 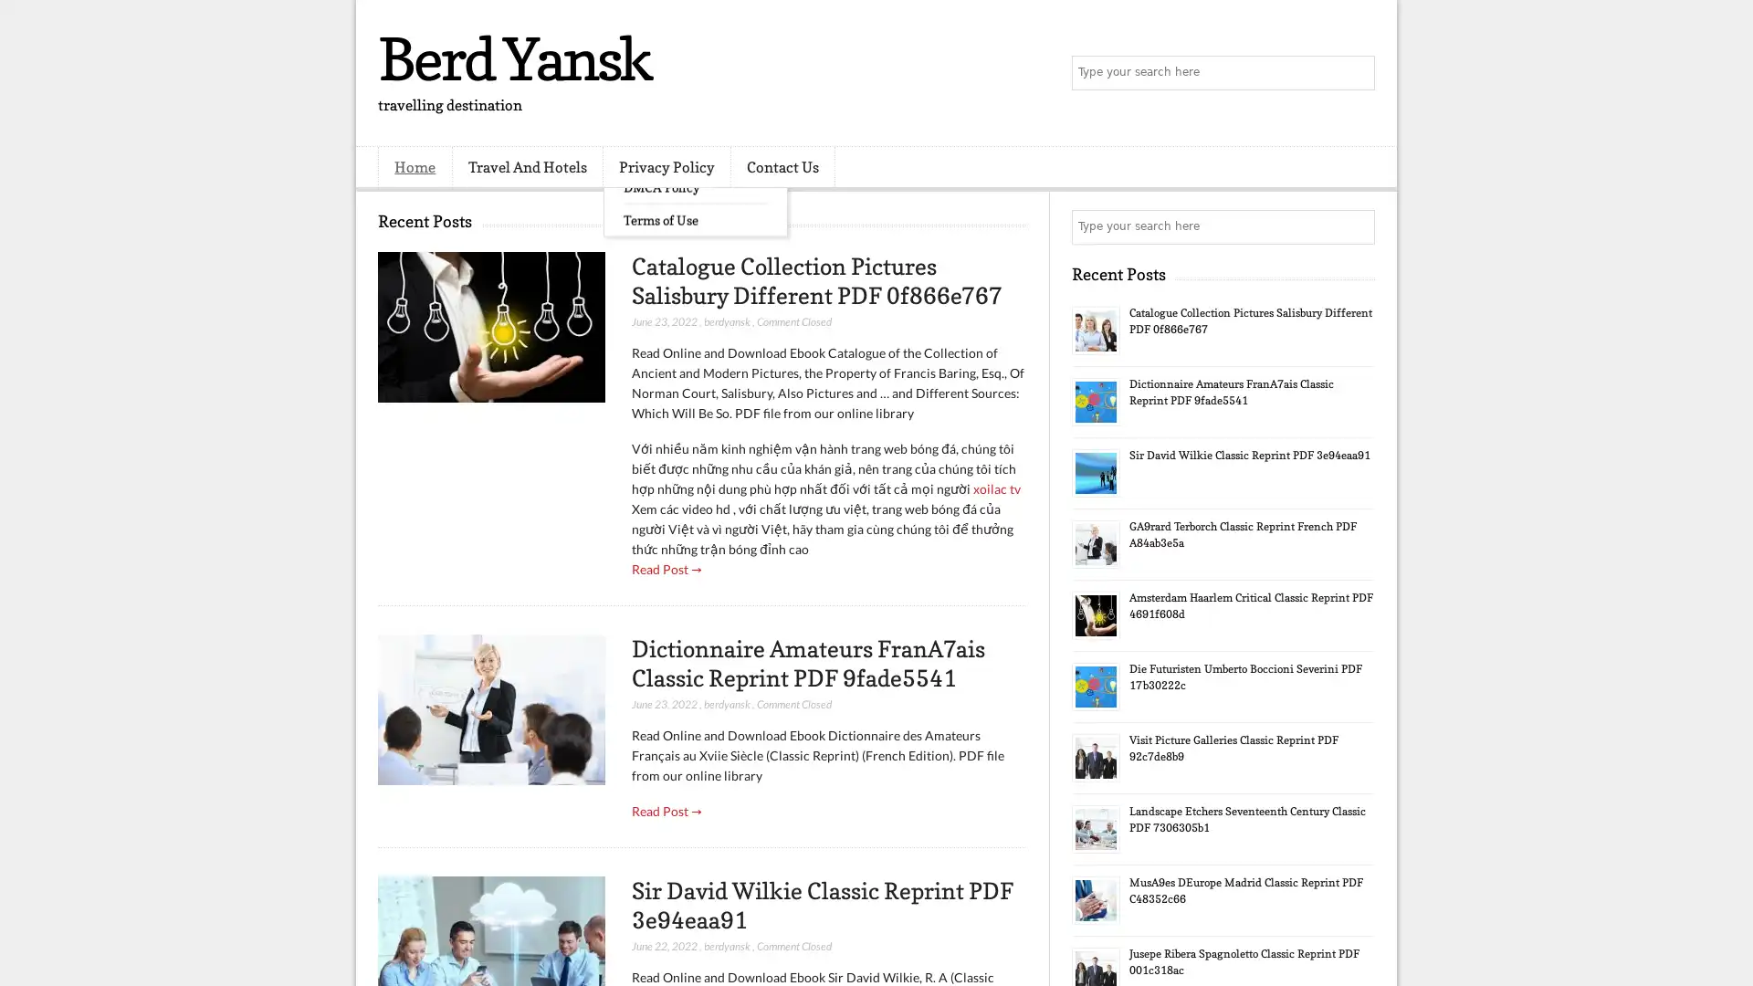 What do you see at coordinates (1356, 73) in the screenshot?
I see `Search` at bounding box center [1356, 73].